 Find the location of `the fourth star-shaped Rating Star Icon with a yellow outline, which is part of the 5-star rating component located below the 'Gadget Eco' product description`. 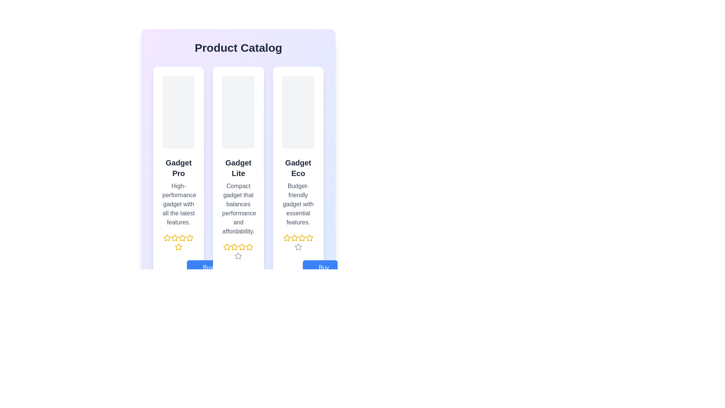

the fourth star-shaped Rating Star Icon with a yellow outline, which is part of the 5-star rating component located below the 'Gadget Eco' product description is located at coordinates (301, 237).